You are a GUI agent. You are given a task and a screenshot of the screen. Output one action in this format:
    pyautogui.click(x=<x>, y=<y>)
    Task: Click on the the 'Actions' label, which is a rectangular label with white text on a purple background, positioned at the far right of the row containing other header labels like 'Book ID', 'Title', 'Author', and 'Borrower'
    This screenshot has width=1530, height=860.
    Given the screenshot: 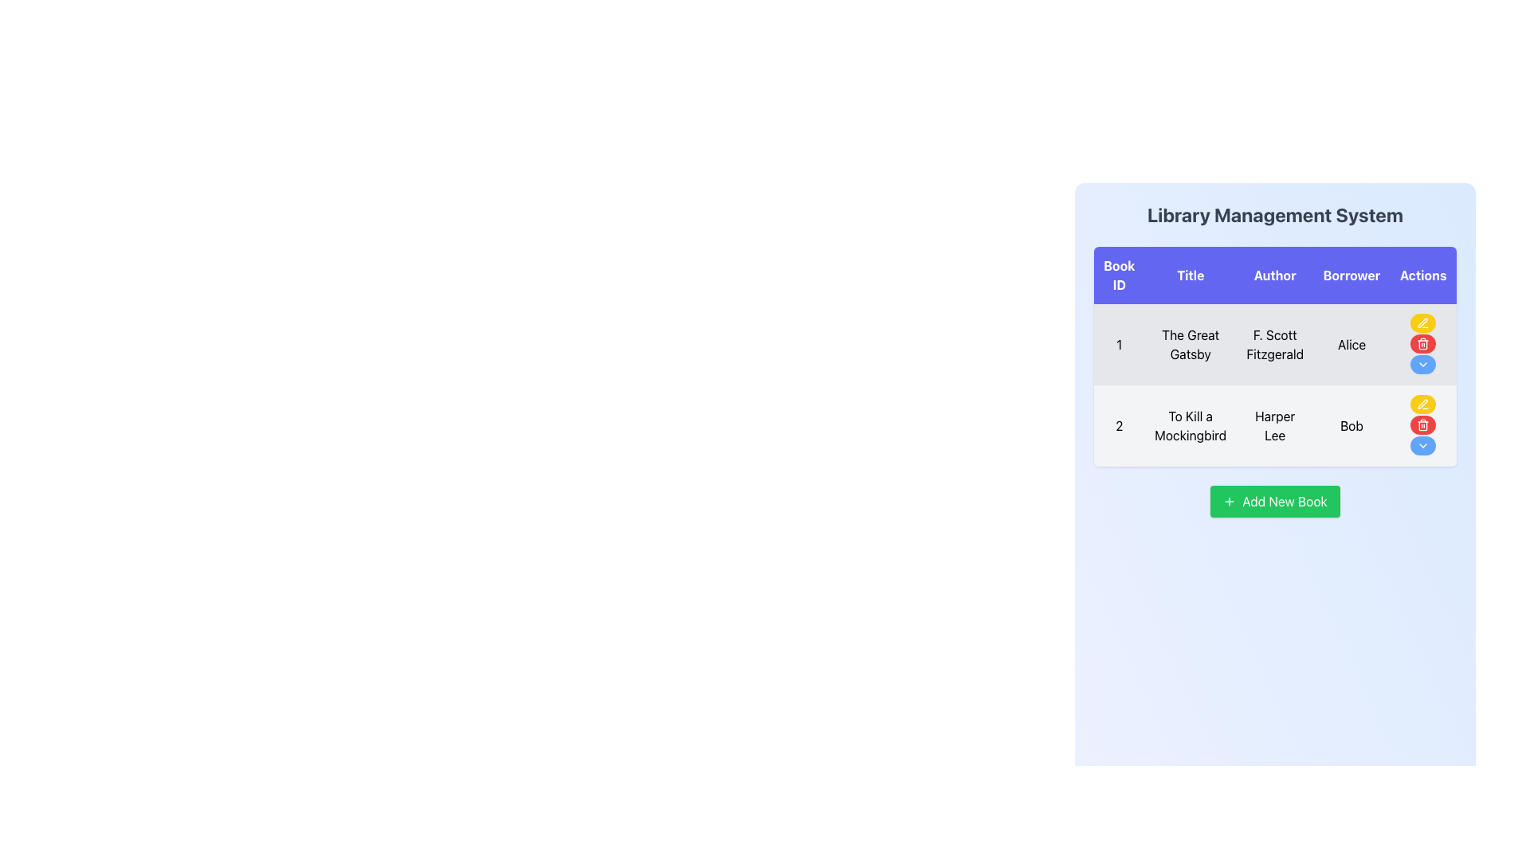 What is the action you would take?
    pyautogui.click(x=1423, y=275)
    